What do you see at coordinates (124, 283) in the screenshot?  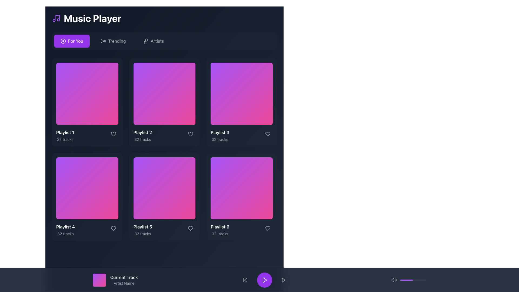 I see `the non-interactive text label that displays the name of the artist for the current track, located in the second row below the 'Current Track' label in the player's bottom bar` at bounding box center [124, 283].